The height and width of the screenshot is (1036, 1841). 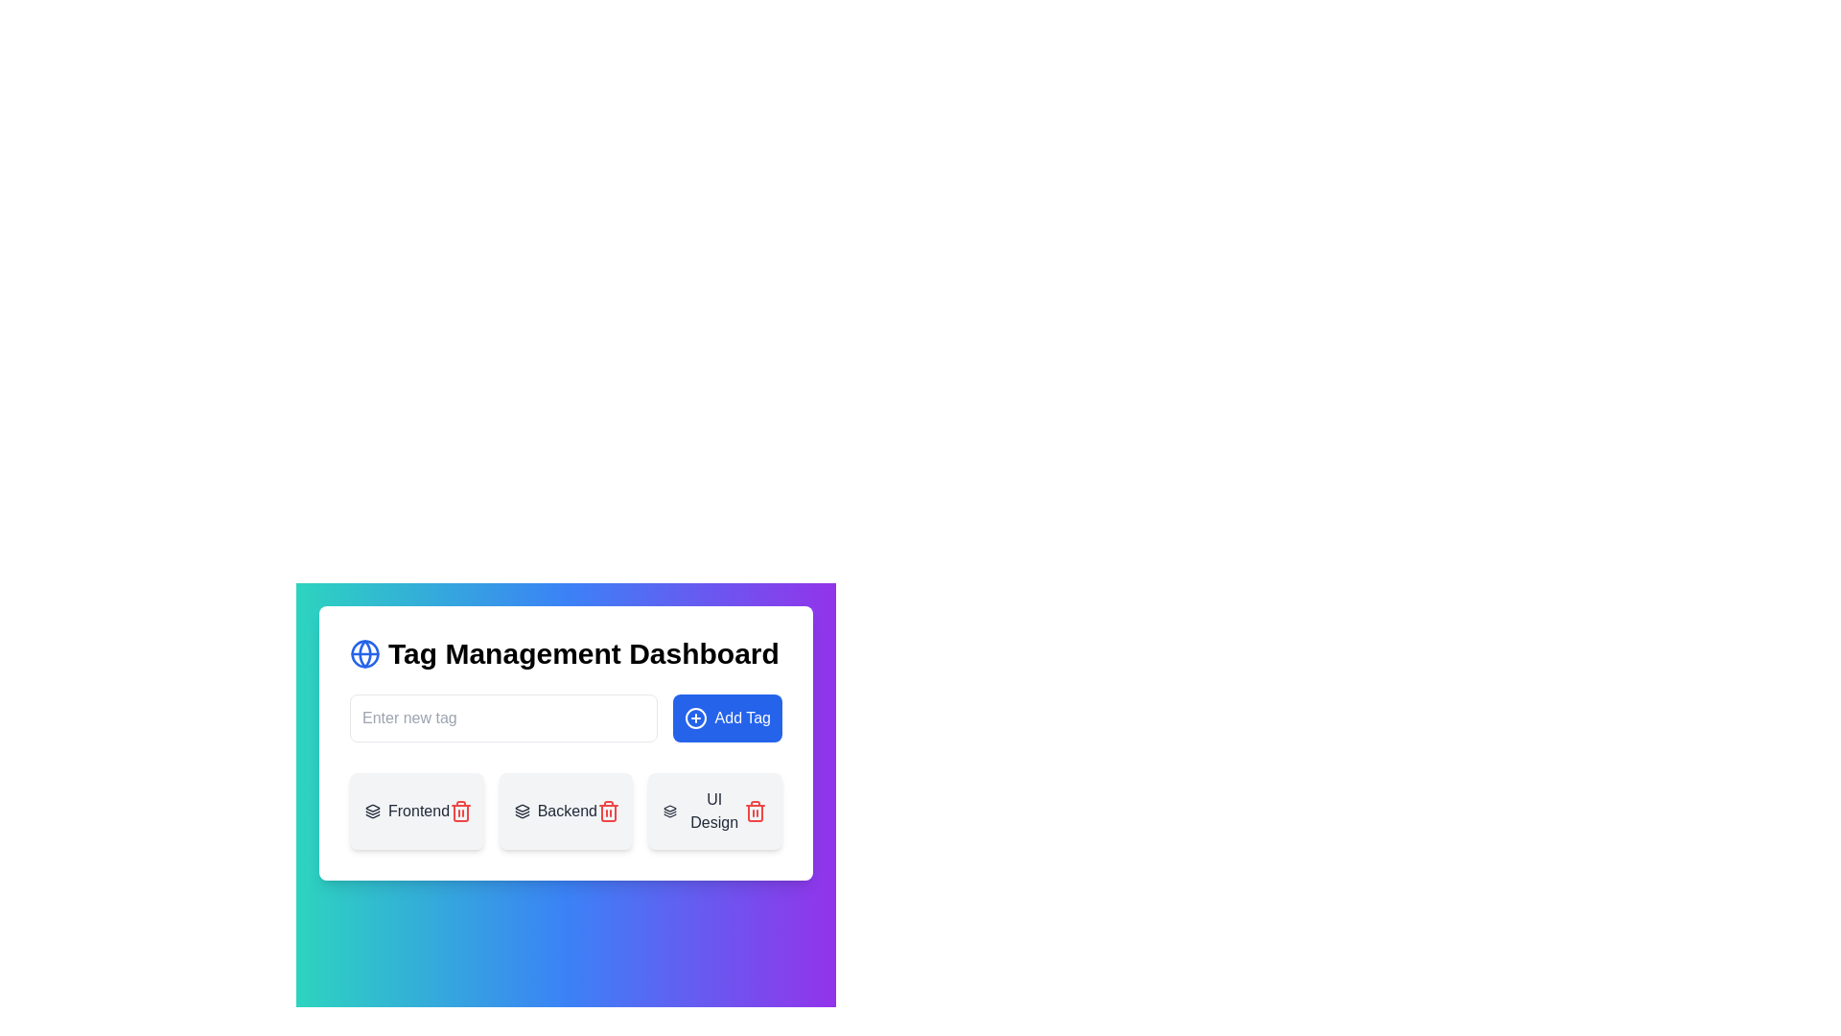 I want to click on the 'Frontend' tag icon and label for selection on the Tag Management Dashboard, so click(x=407, y=811).